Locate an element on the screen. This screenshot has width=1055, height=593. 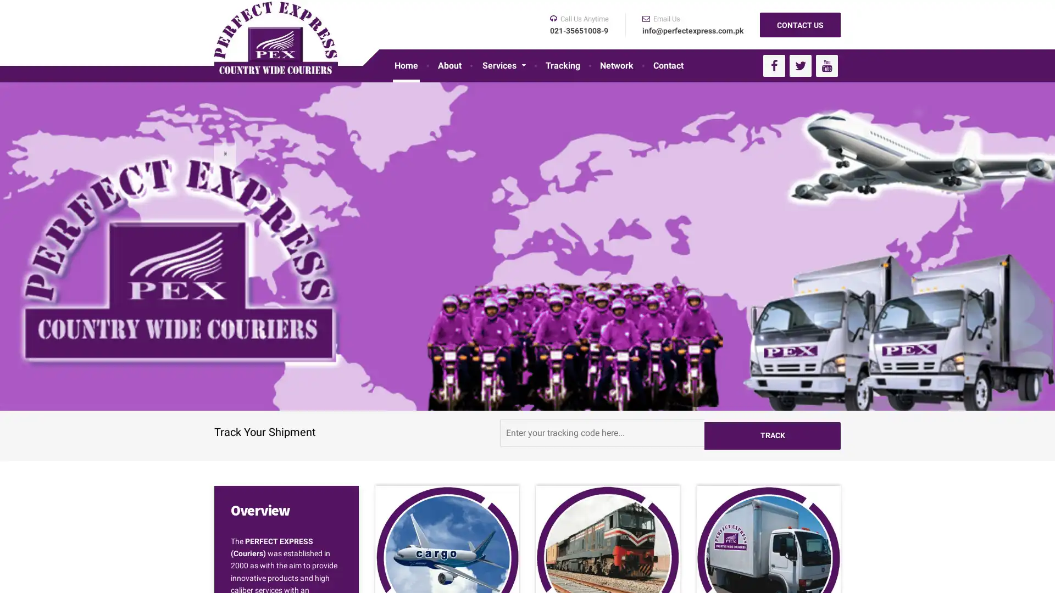
TRACK is located at coordinates (772, 432).